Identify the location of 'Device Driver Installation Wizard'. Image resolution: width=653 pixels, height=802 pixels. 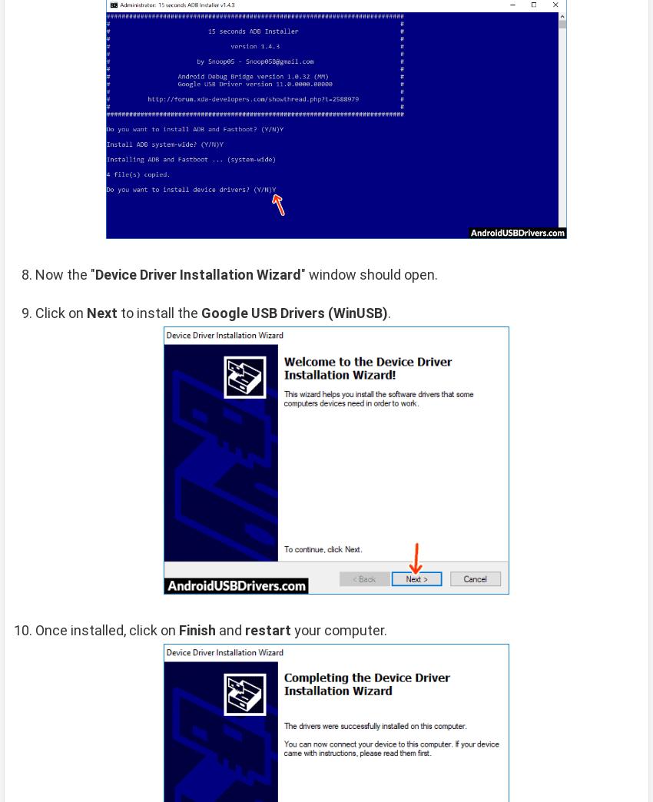
(94, 273).